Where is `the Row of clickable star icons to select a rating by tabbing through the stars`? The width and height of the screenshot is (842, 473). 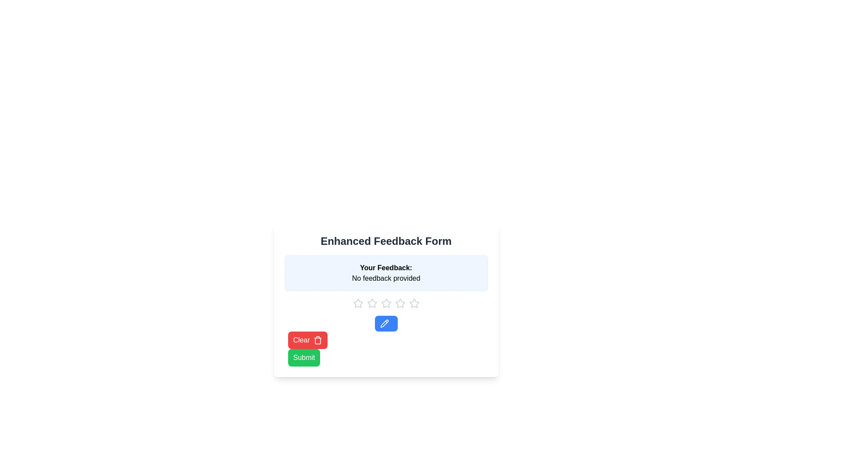 the Row of clickable star icons to select a rating by tabbing through the stars is located at coordinates (386, 303).